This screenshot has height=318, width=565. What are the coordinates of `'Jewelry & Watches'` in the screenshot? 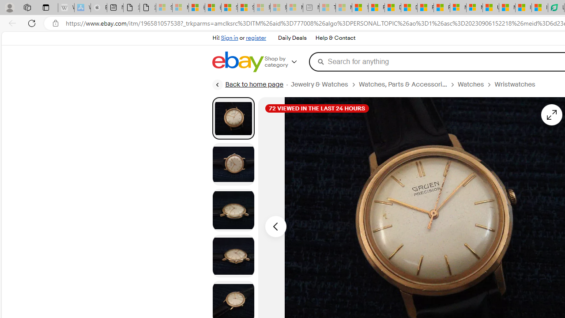 It's located at (324, 84).